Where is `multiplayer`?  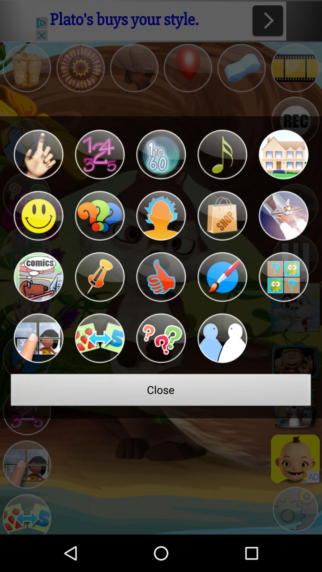 multiplayer is located at coordinates (222, 338).